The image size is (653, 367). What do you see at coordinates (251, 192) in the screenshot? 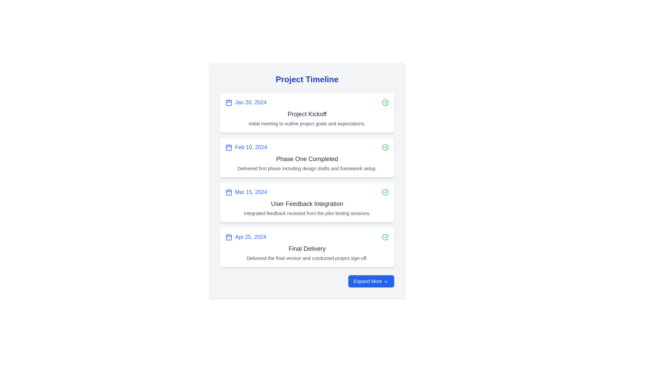
I see `the text label displaying 'Mar 15, 2024' in blue, located in the 'User Feedback Integration' timeline entry, adjacent to a calendar icon` at bounding box center [251, 192].